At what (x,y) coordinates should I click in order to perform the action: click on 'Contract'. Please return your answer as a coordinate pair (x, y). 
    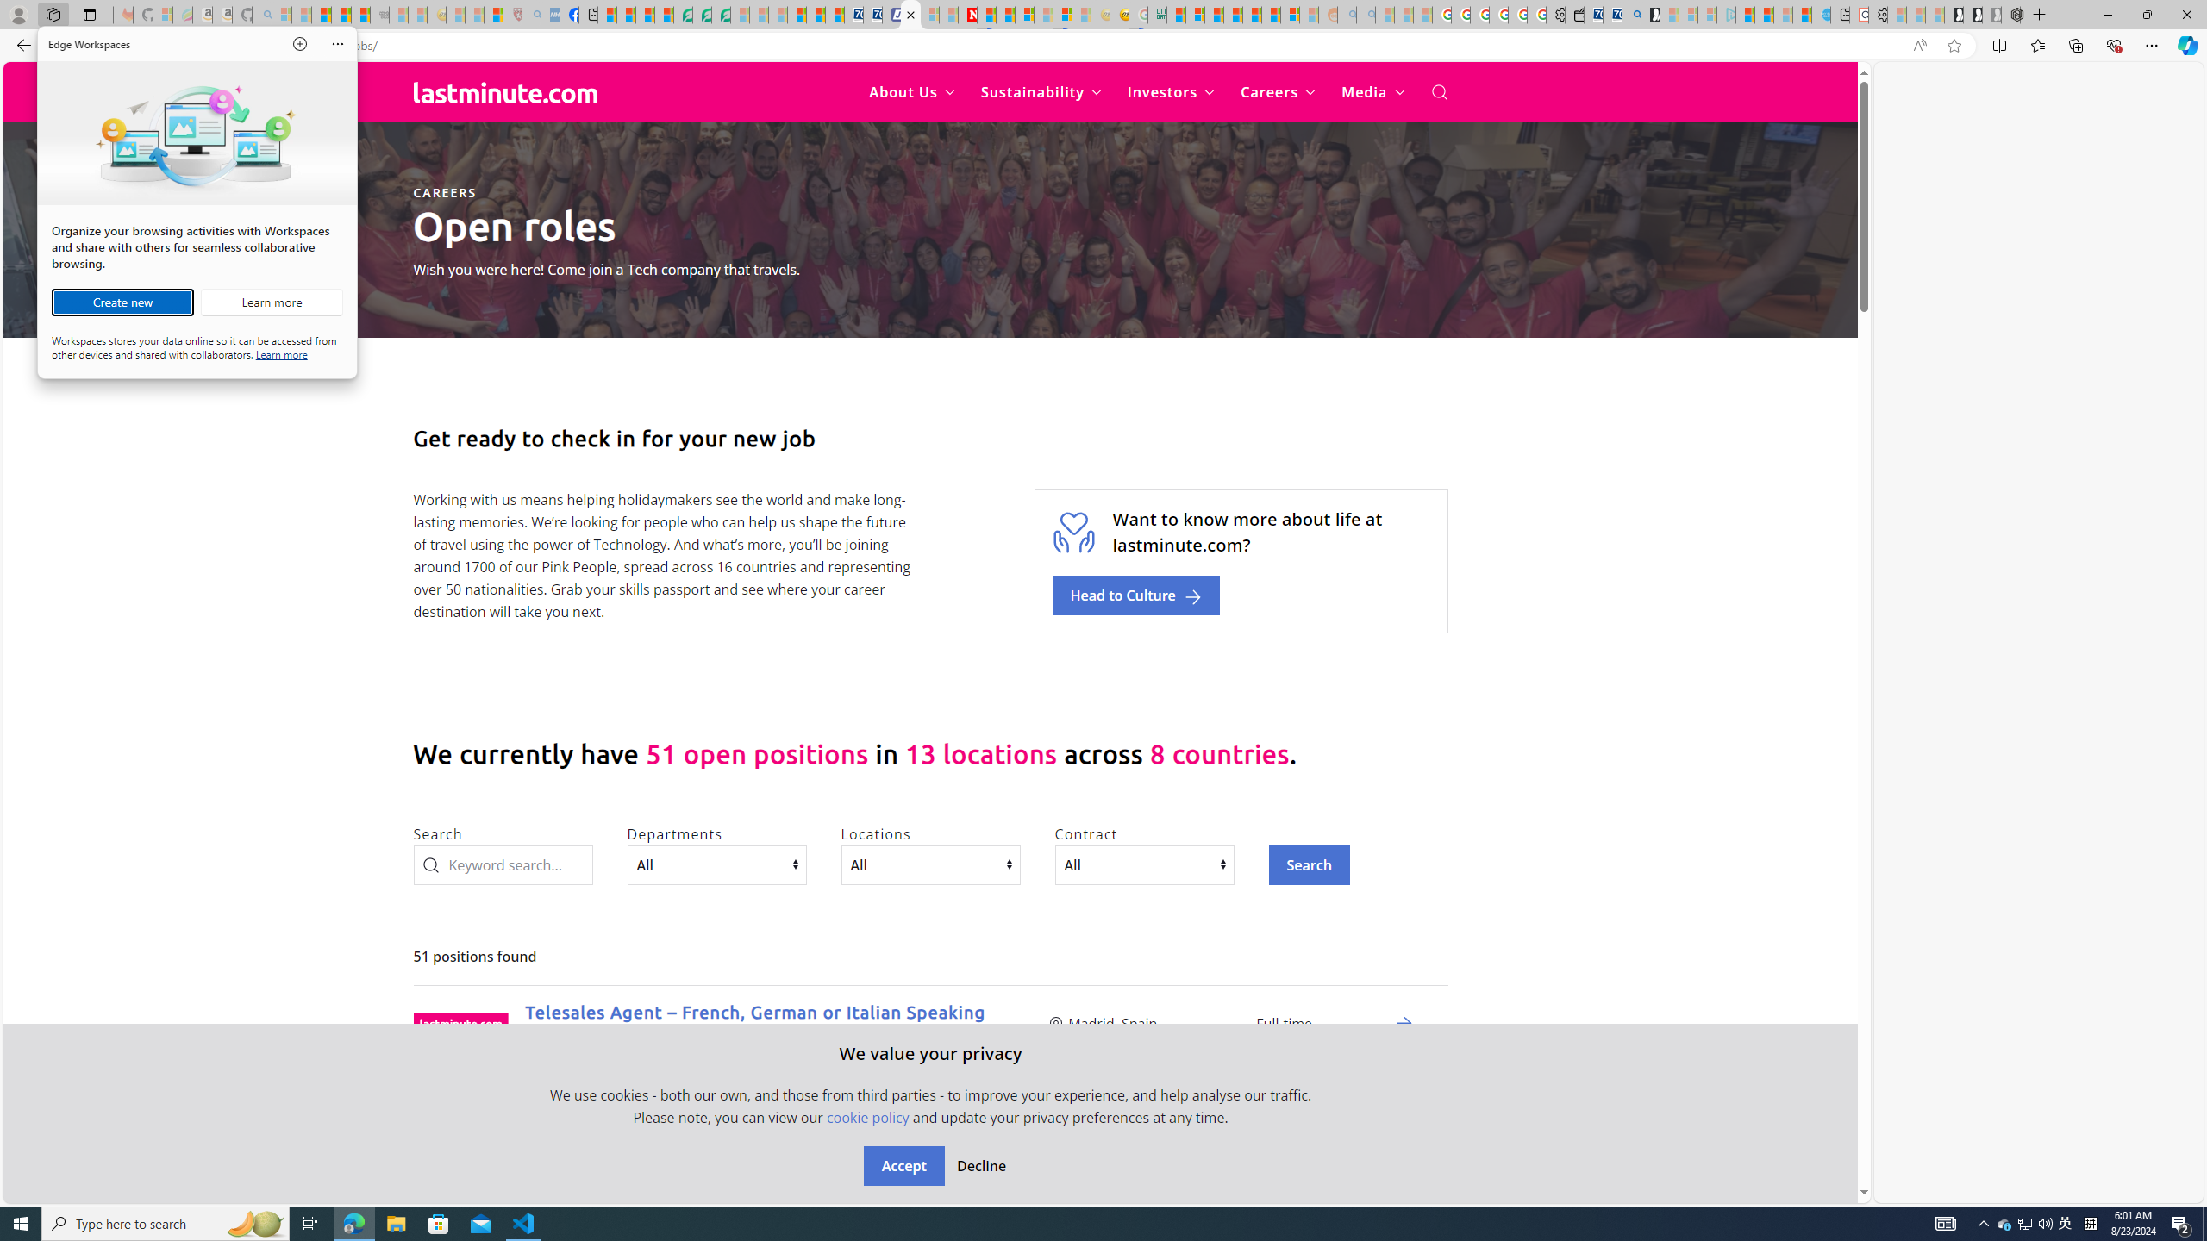
    Looking at the image, I should click on (1143, 864).